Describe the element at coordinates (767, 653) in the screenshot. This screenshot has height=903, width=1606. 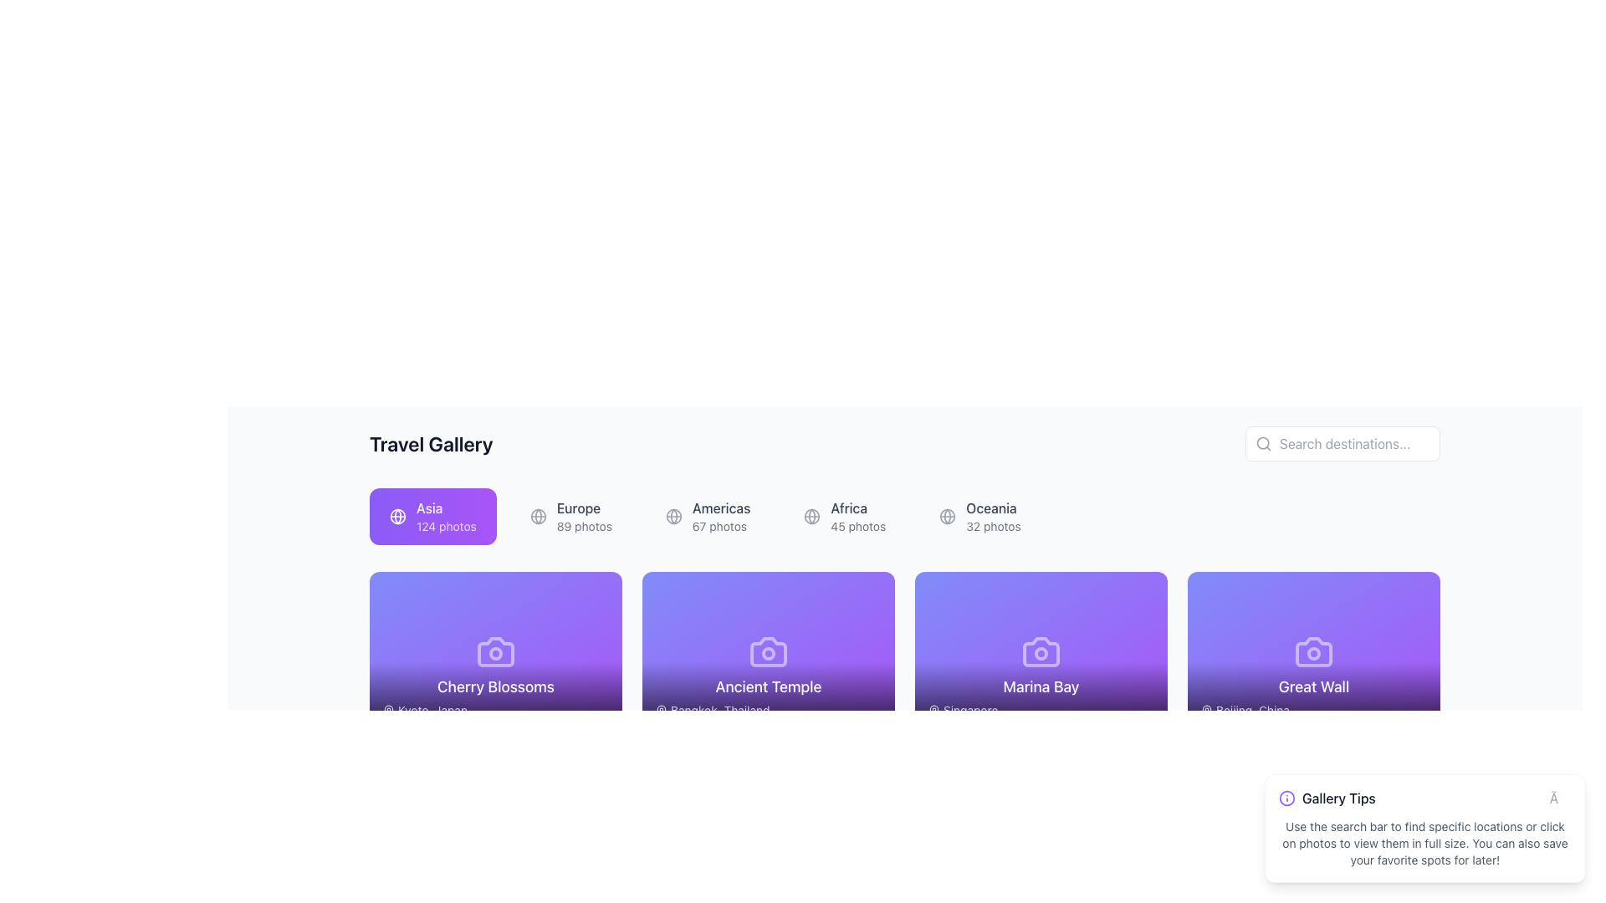
I see `the decorative circle element representing the camera's lens in the SVG icon on the 'Ancient Temple' card, which is located in the second position of the gallery's first row` at that location.